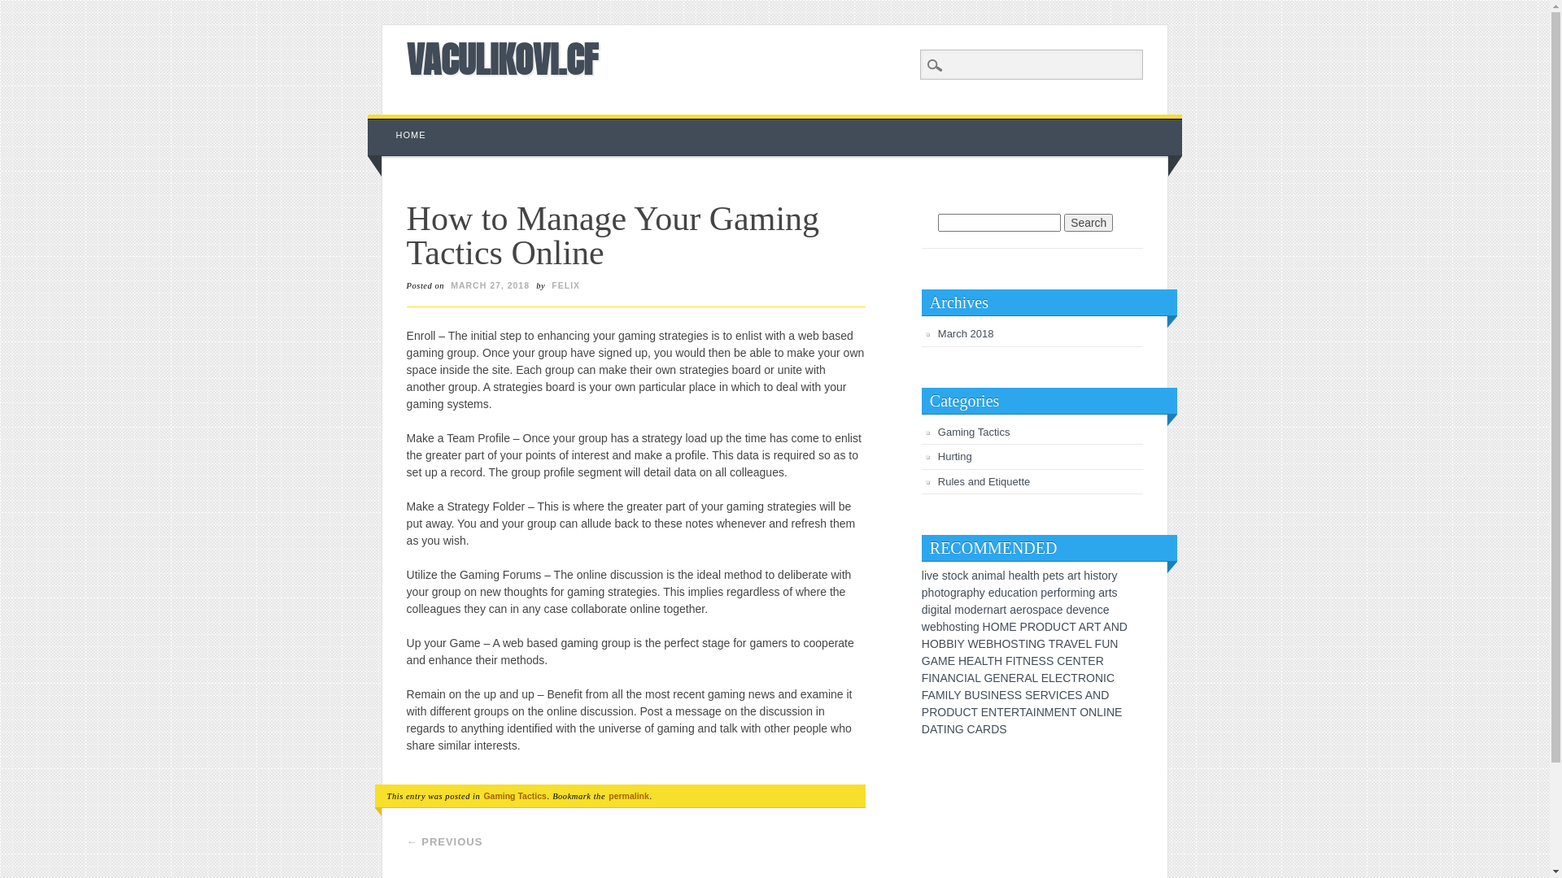  Describe the element at coordinates (955, 456) in the screenshot. I see `'Hurting'` at that location.